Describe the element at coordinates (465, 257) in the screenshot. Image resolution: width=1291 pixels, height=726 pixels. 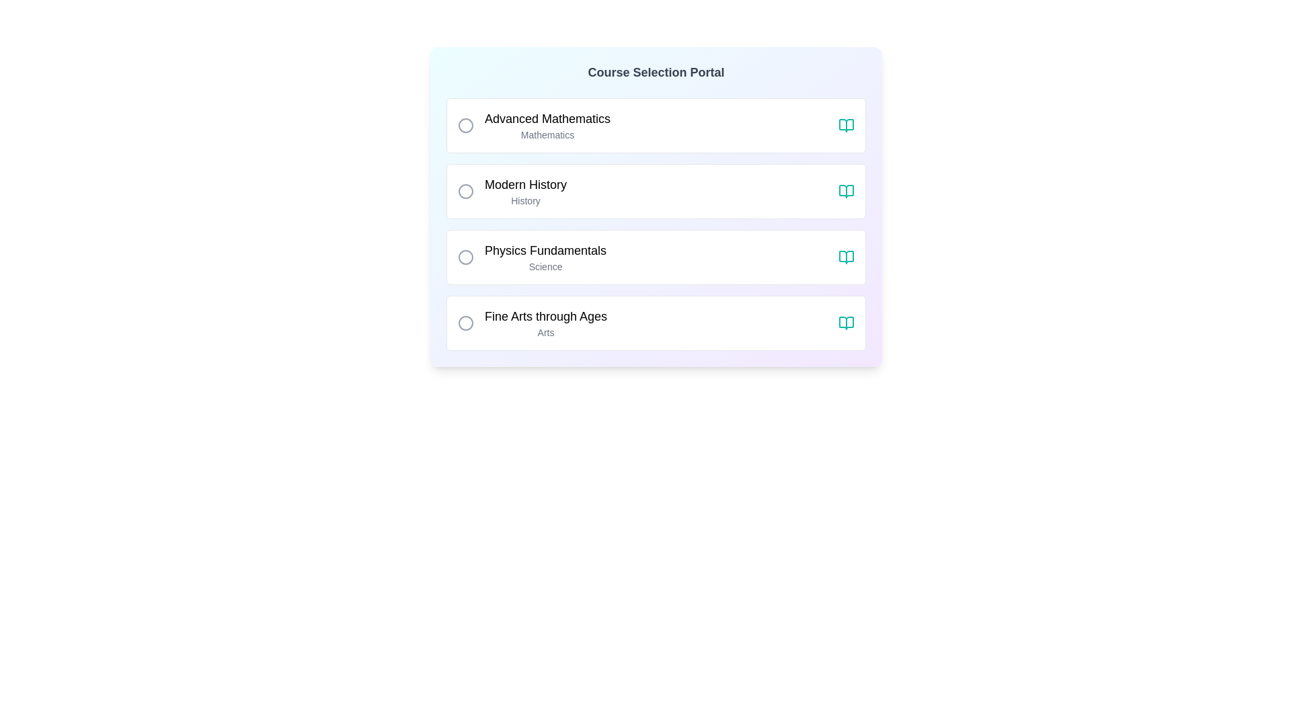
I see `the Circular SVG element representing a selection marker adjacent to the text 'Physics Fundamentals', which is part of the third option in the course selections list` at that location.